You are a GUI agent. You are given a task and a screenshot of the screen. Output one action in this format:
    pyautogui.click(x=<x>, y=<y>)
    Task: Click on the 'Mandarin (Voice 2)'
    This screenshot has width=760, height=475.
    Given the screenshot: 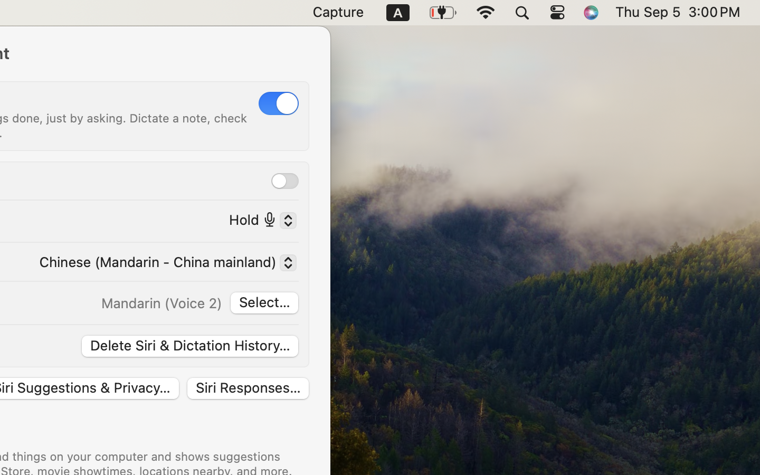 What is the action you would take?
    pyautogui.click(x=161, y=303)
    